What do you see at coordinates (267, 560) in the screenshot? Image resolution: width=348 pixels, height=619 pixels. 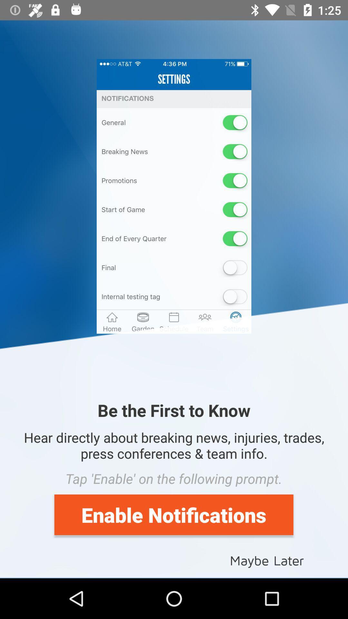 I see `the maybe later icon` at bounding box center [267, 560].